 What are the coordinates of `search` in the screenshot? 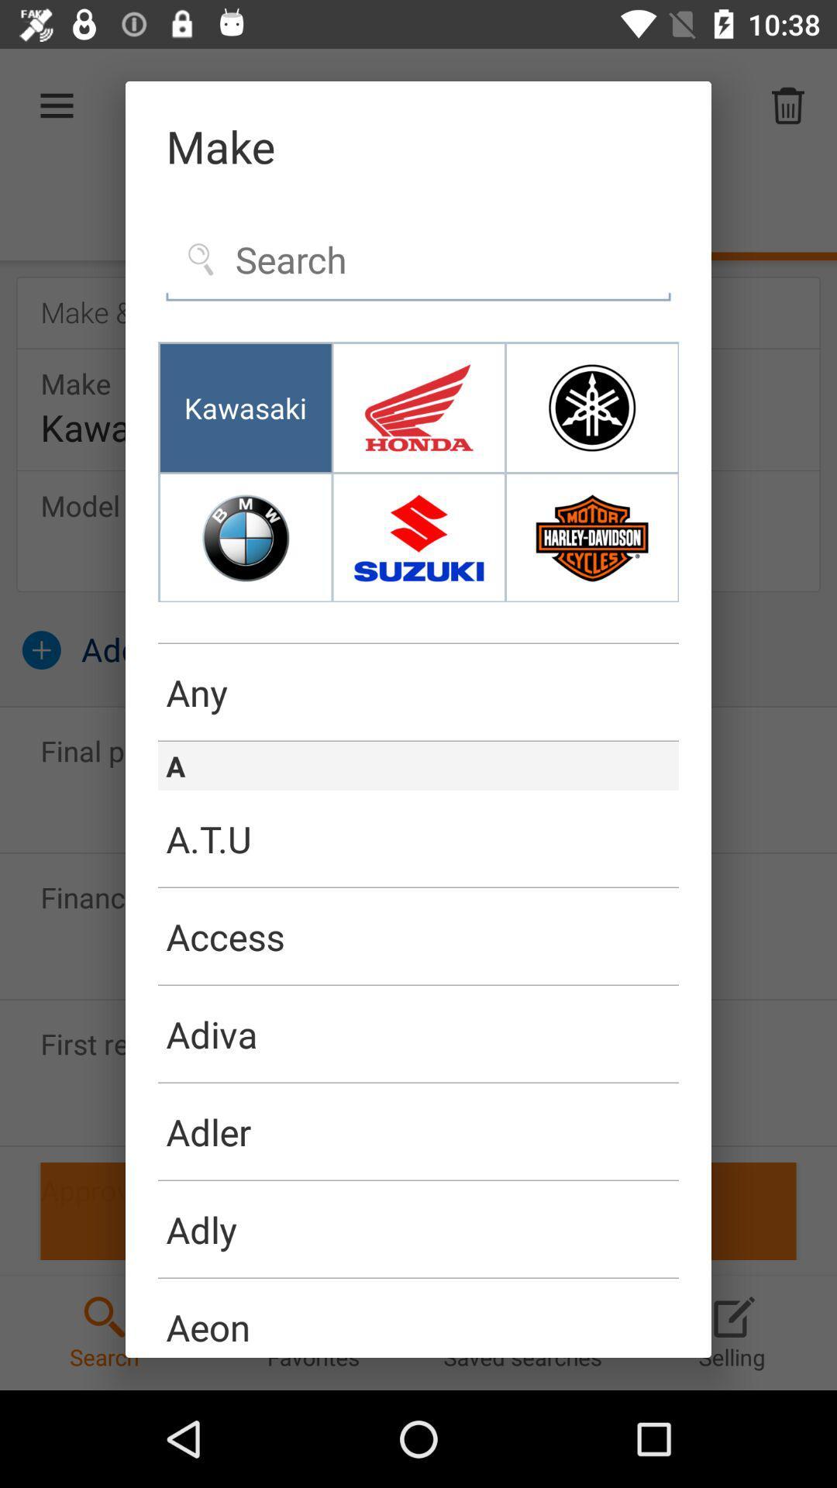 It's located at (418, 260).